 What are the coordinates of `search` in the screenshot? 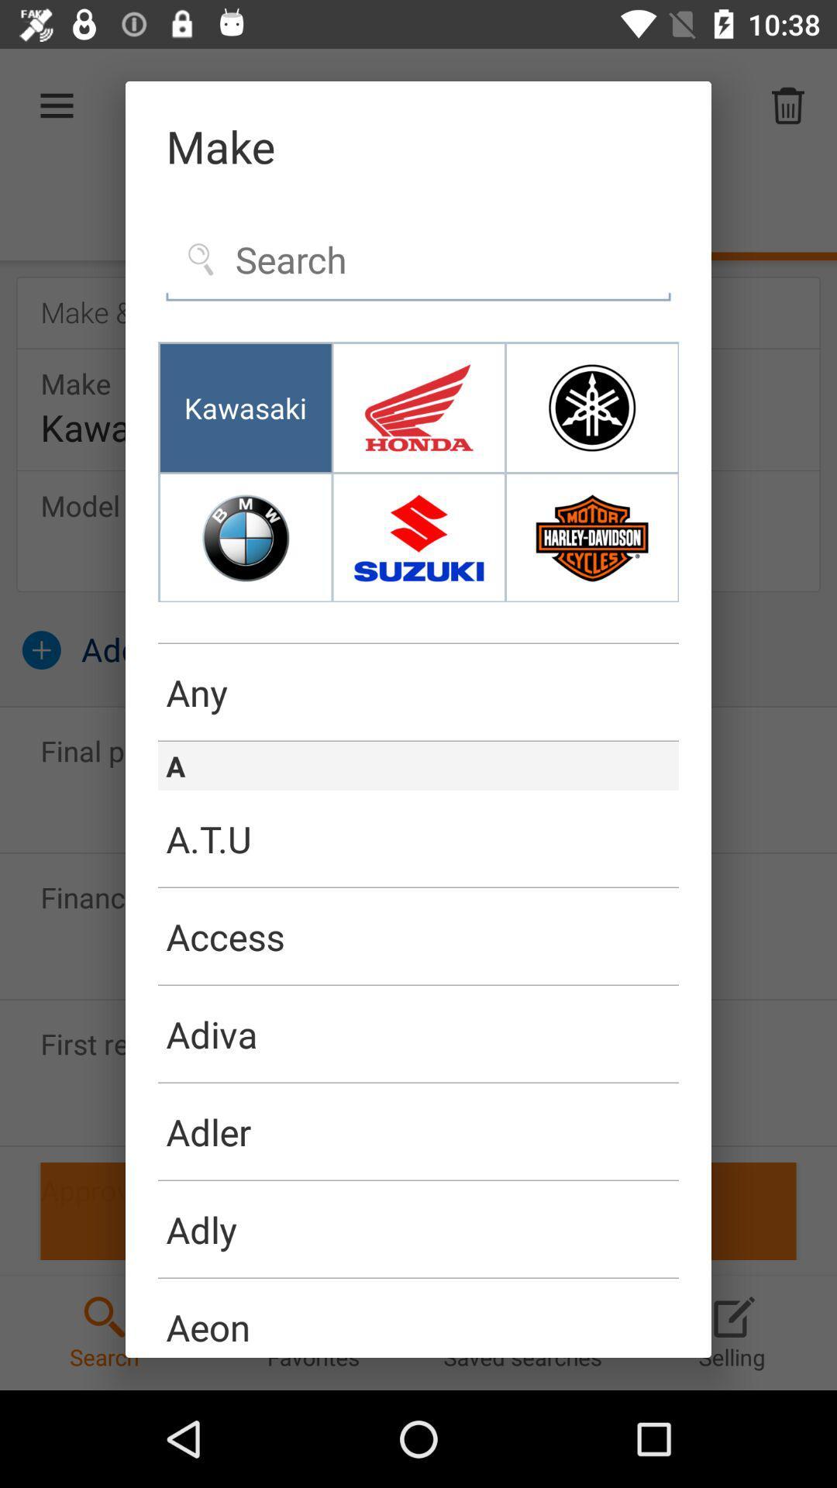 It's located at (418, 260).